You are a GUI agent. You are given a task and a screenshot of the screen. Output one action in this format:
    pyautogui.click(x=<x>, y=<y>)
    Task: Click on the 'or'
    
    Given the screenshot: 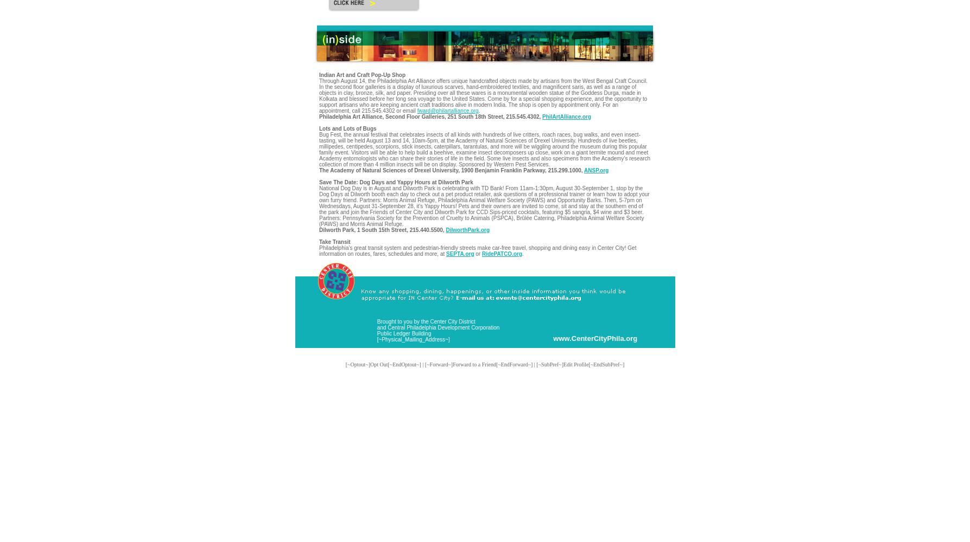 What is the action you would take?
    pyautogui.click(x=477, y=253)
    